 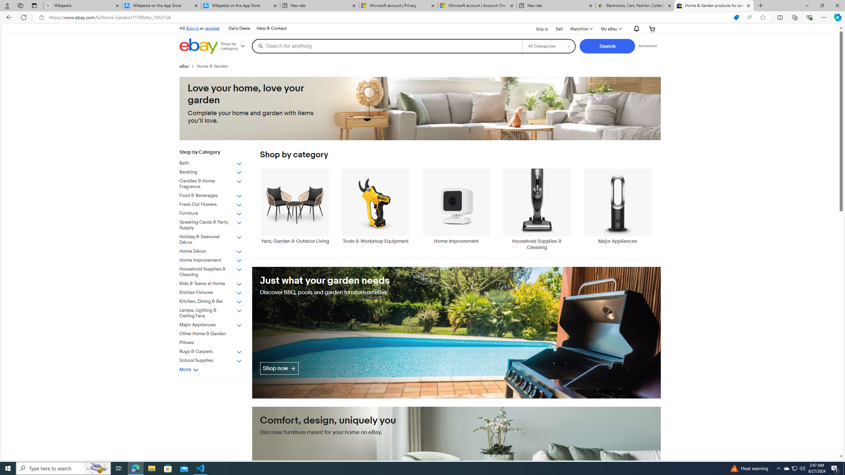 What do you see at coordinates (397, 5) in the screenshot?
I see `'Microsoft account | Privacy'` at bounding box center [397, 5].